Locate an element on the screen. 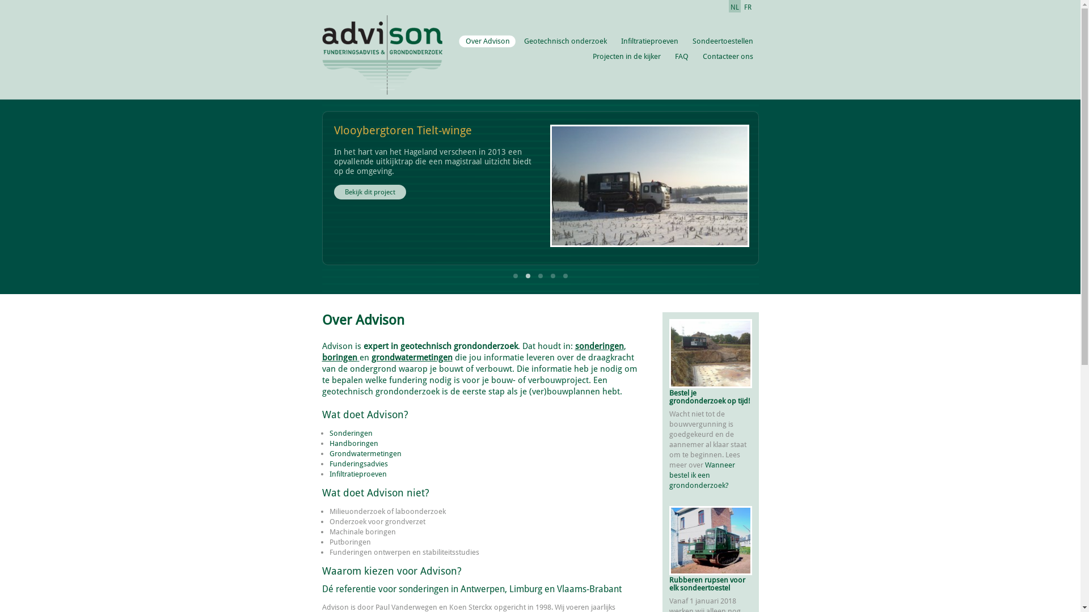 The image size is (1089, 612). 'Uitkijktoren Tielt-winge' is located at coordinates (649, 185).